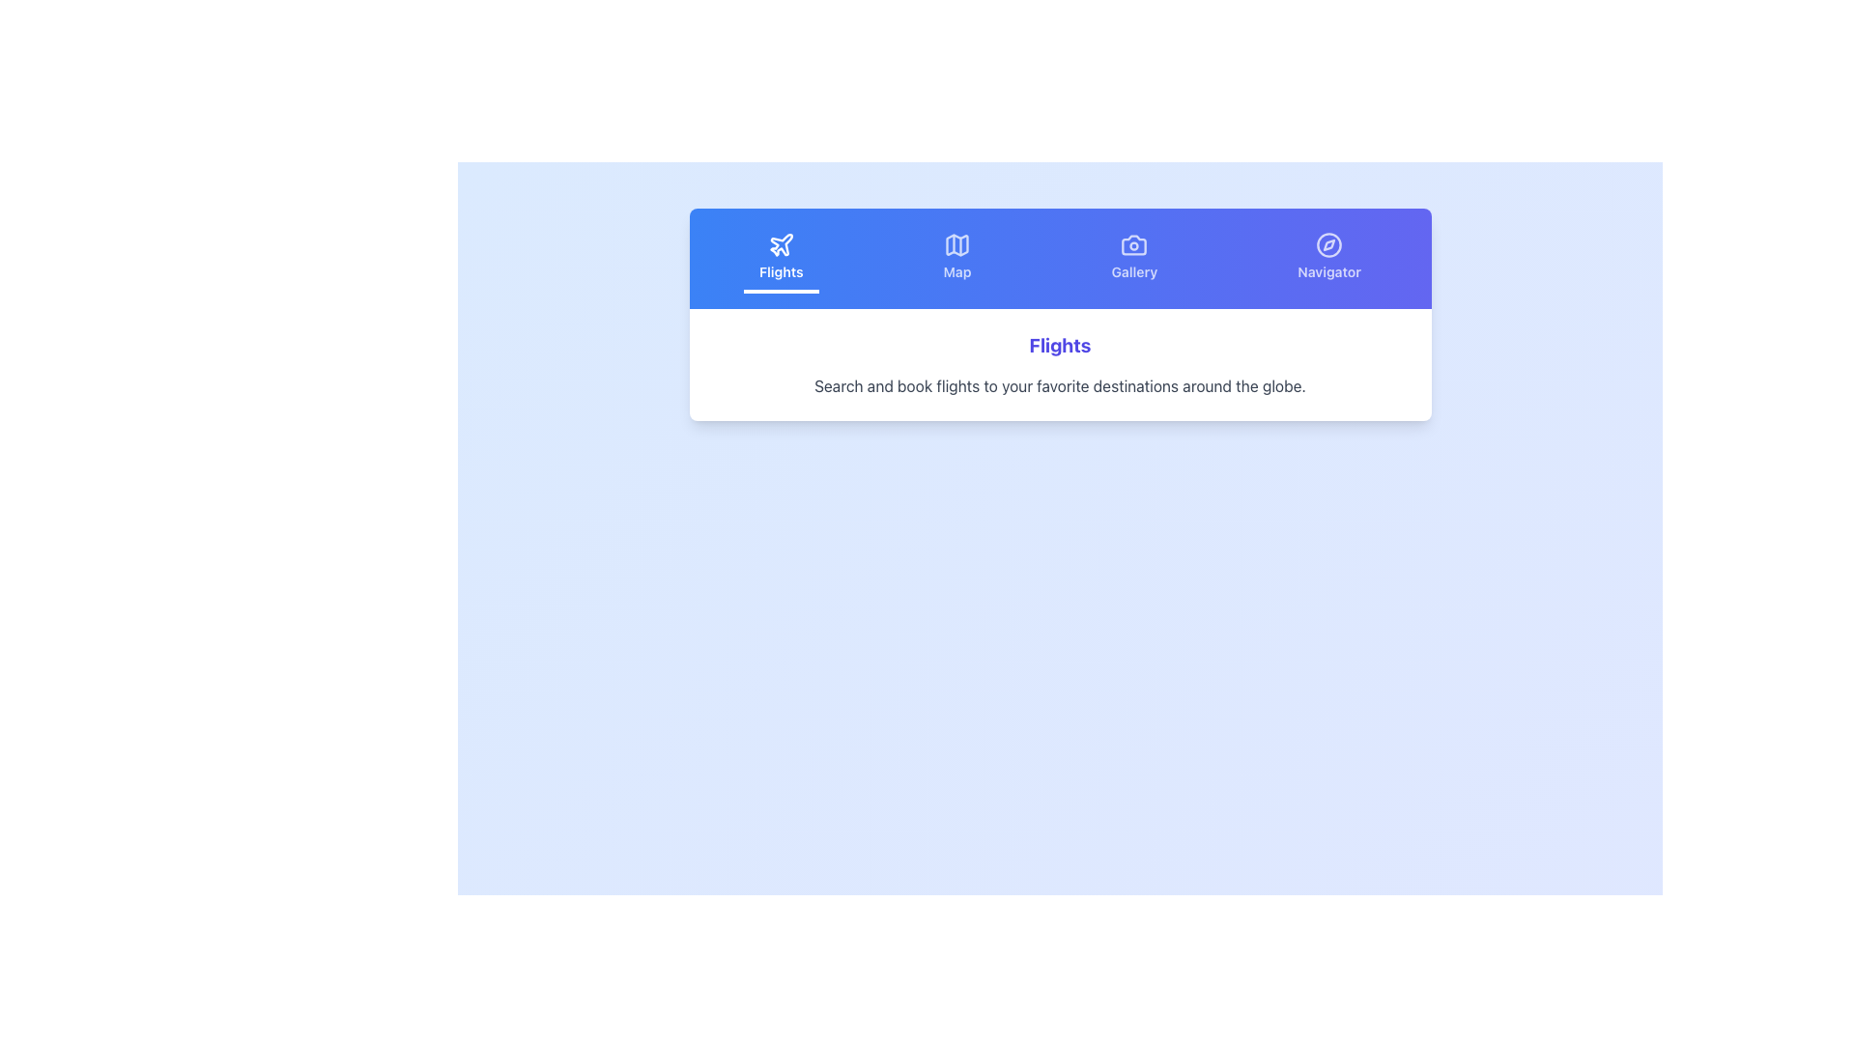 The height and width of the screenshot is (1043, 1855). What do you see at coordinates (1134, 257) in the screenshot?
I see `the 'Gallery' button located in the navigation bar, which has a camera icon above and is positioned between the 'Map' button and the 'Navigator' button` at bounding box center [1134, 257].